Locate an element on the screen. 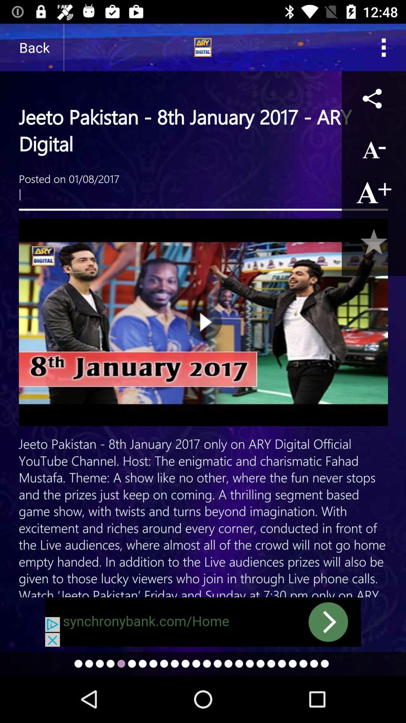  word zooming option is located at coordinates (374, 192).